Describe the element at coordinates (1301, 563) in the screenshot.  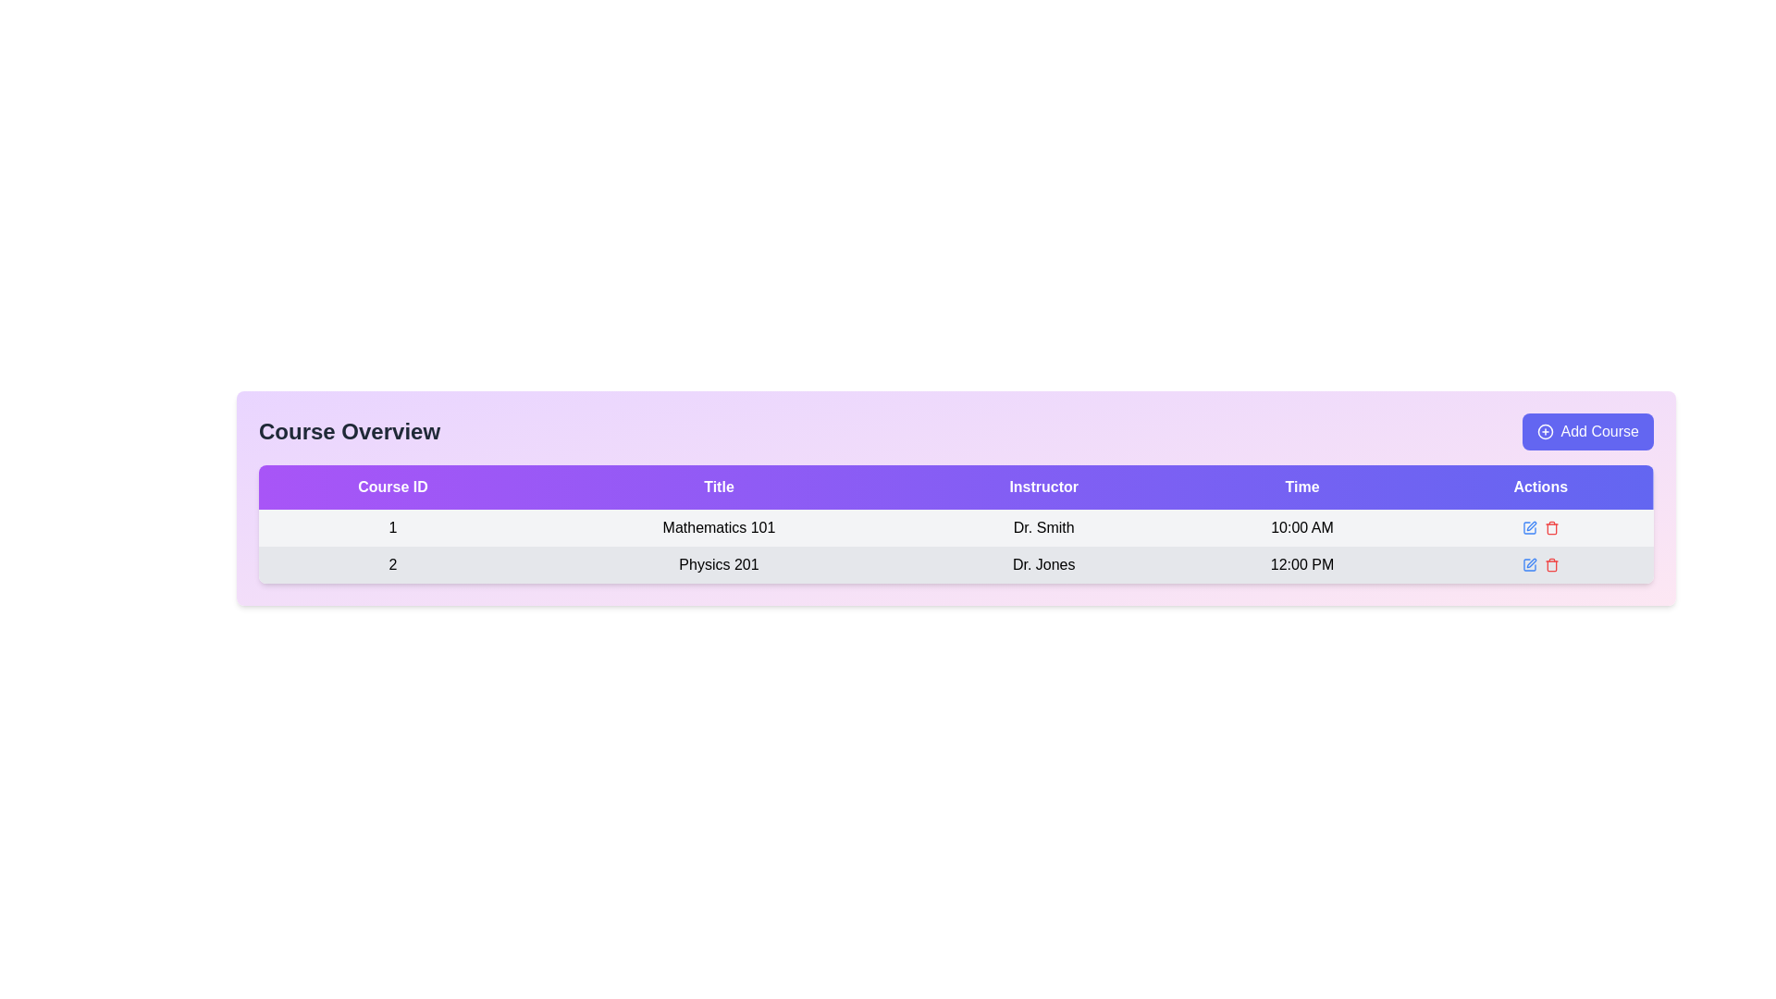
I see `the text label displaying '12:00 PM' in the 'Time' column of the table under the 'Course Overview' section` at that location.